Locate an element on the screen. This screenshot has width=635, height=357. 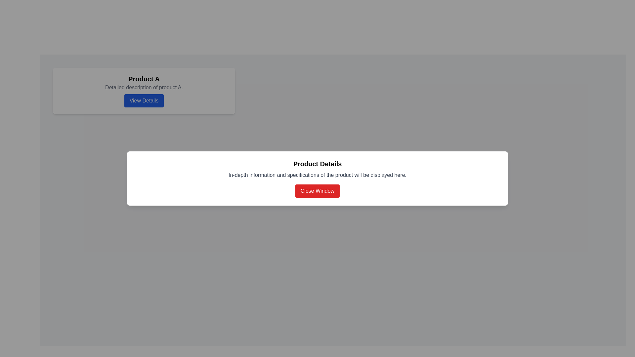
the close button located centrally in the white section below the text 'In-depth information and specifications of the product will be displayed here.' is located at coordinates (317, 191).